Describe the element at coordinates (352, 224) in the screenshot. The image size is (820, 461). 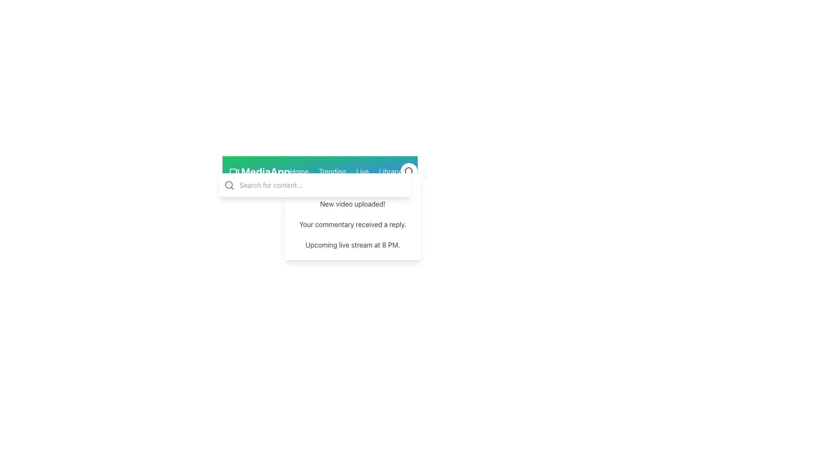
I see `the information displayed in the text block that says 'Your commentary received a reply.'` at that location.